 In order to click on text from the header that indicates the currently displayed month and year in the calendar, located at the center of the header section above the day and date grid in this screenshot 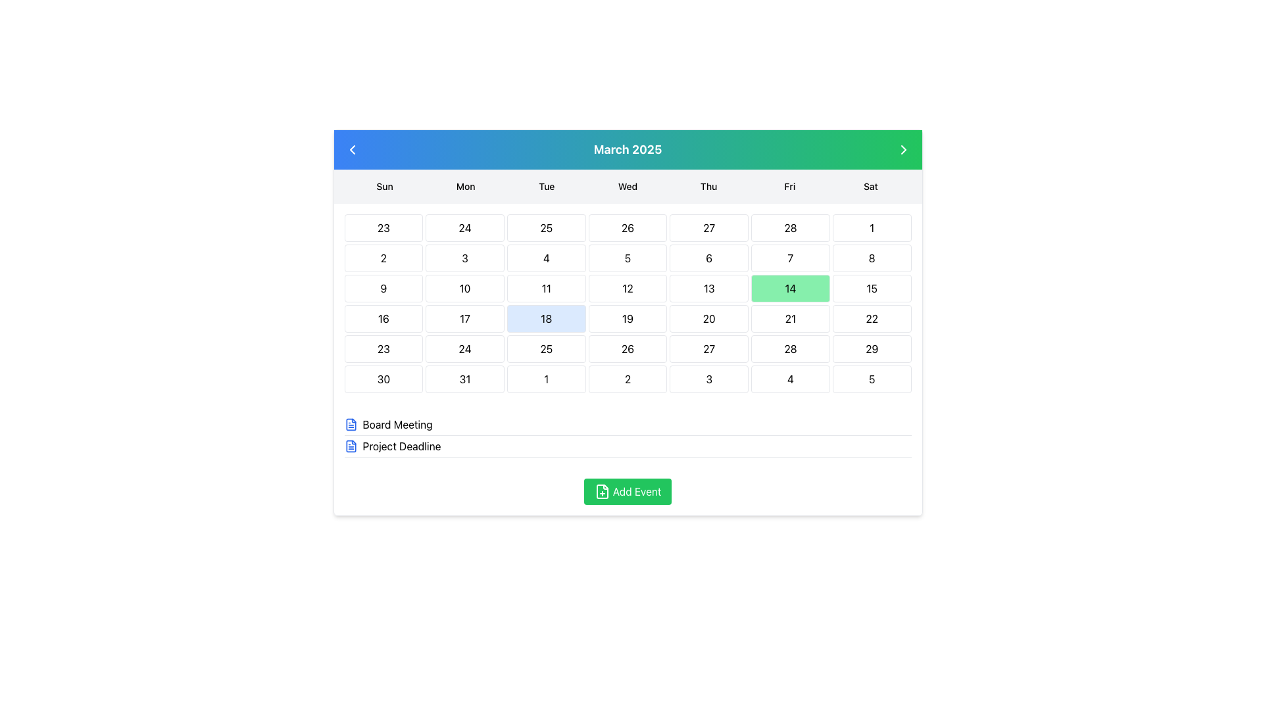, I will do `click(627, 149)`.